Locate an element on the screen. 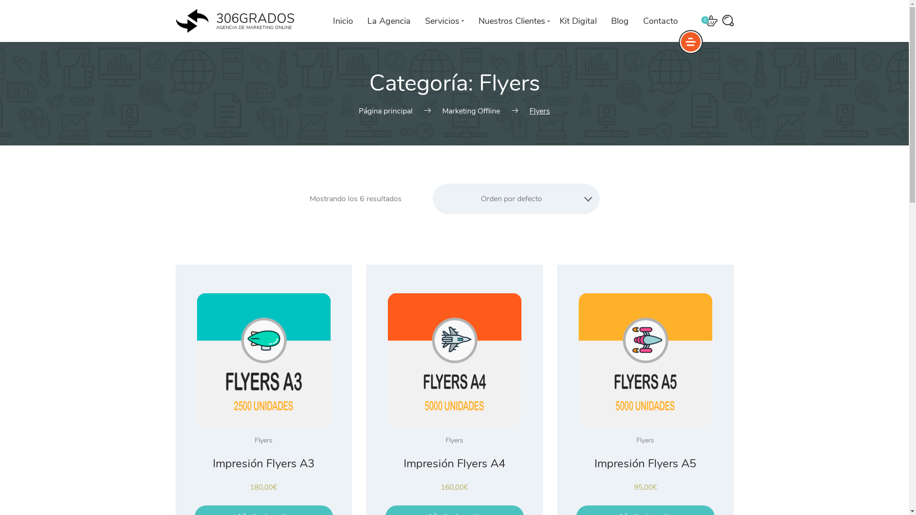 Image resolution: width=916 pixels, height=515 pixels. 'Inicio' is located at coordinates (343, 21).